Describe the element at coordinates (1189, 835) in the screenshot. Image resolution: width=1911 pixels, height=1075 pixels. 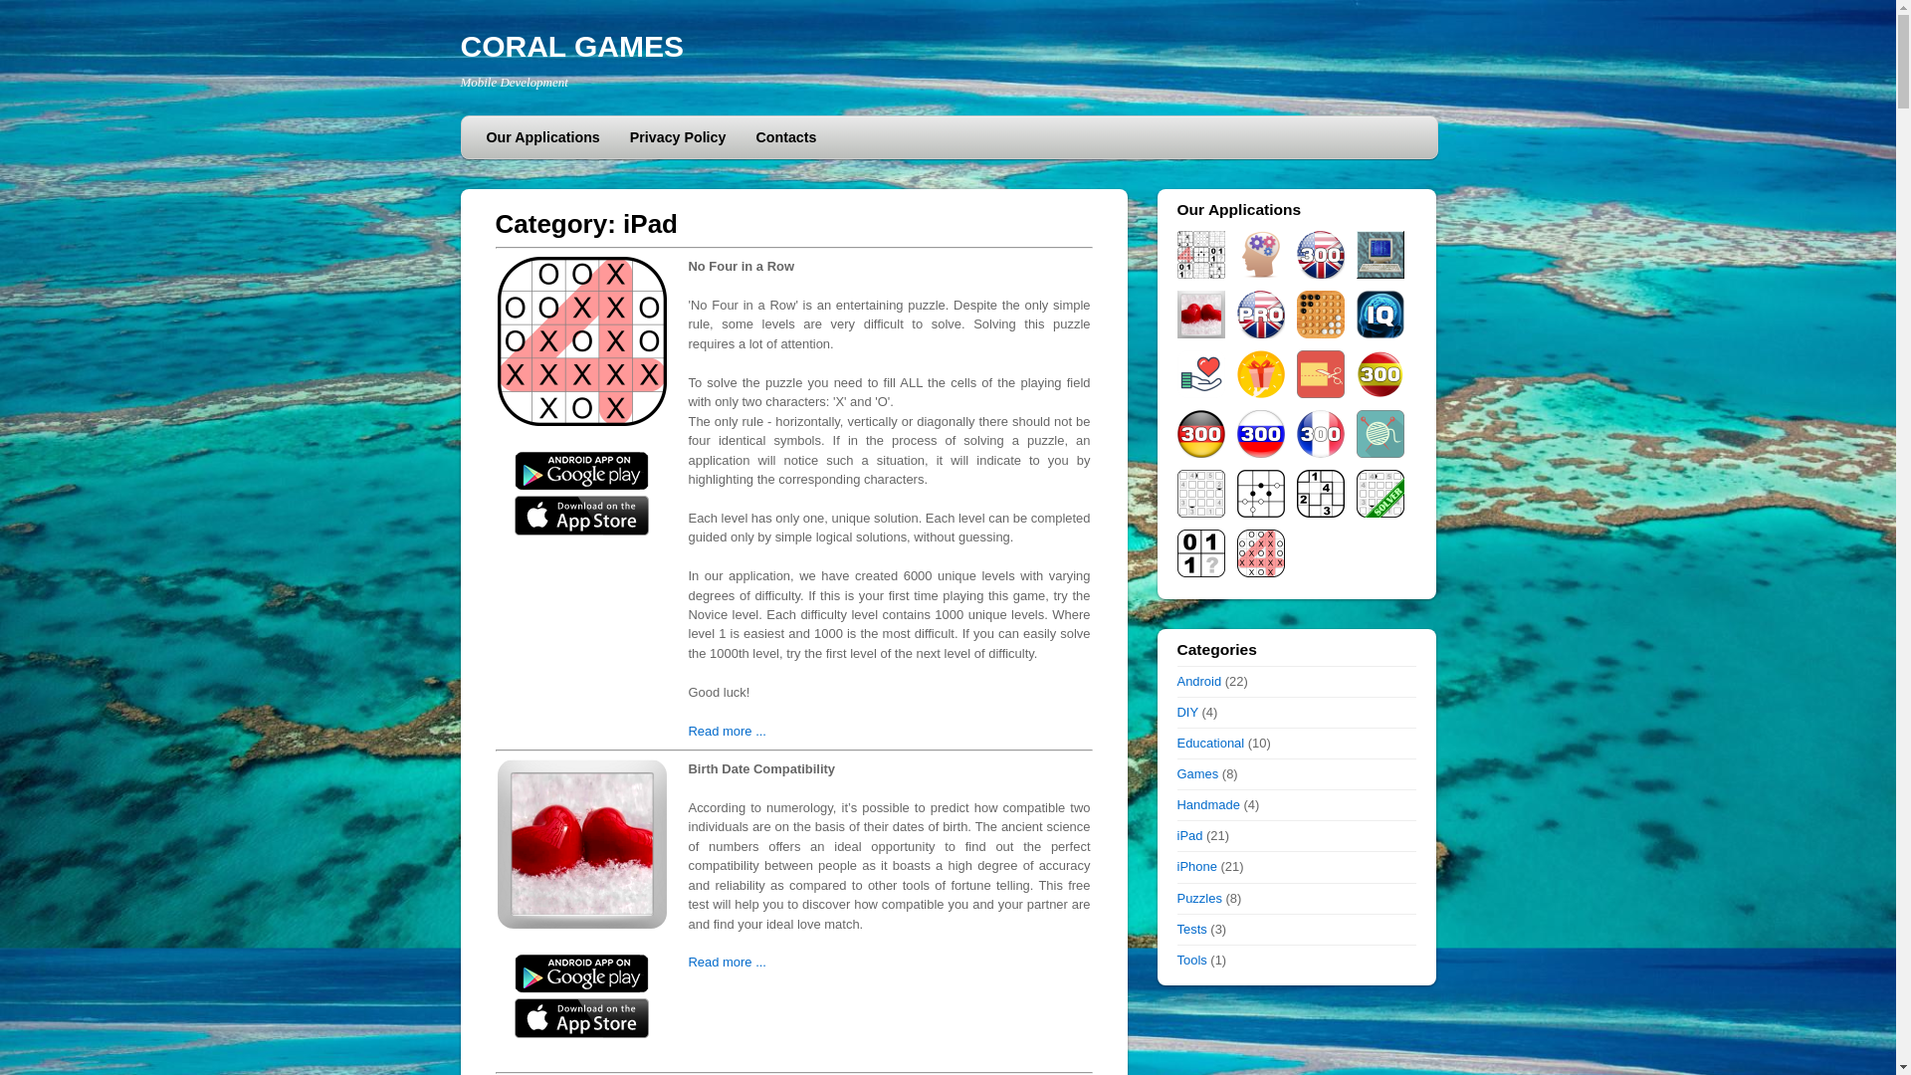
I see `'iPad'` at that location.